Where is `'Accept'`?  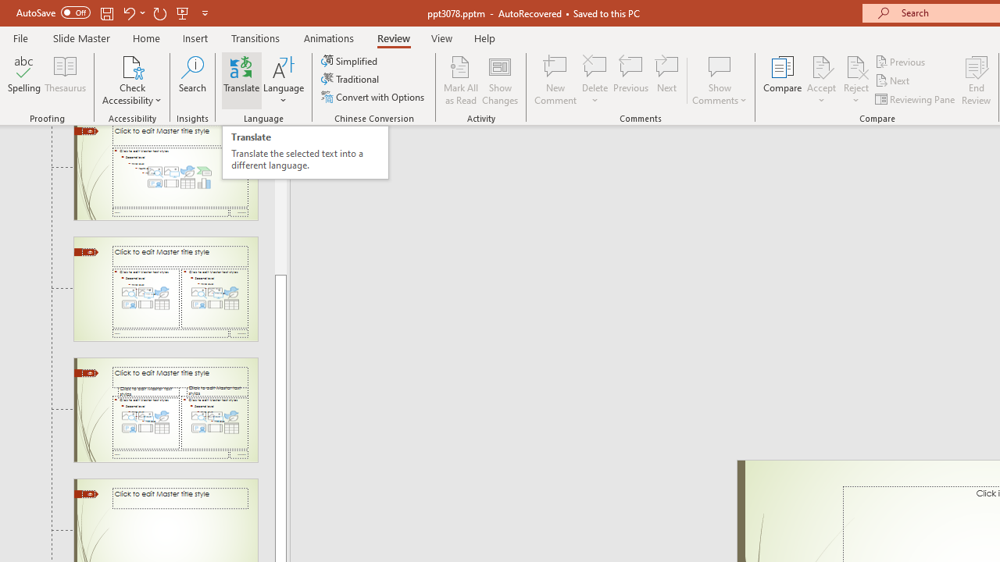 'Accept' is located at coordinates (820, 80).